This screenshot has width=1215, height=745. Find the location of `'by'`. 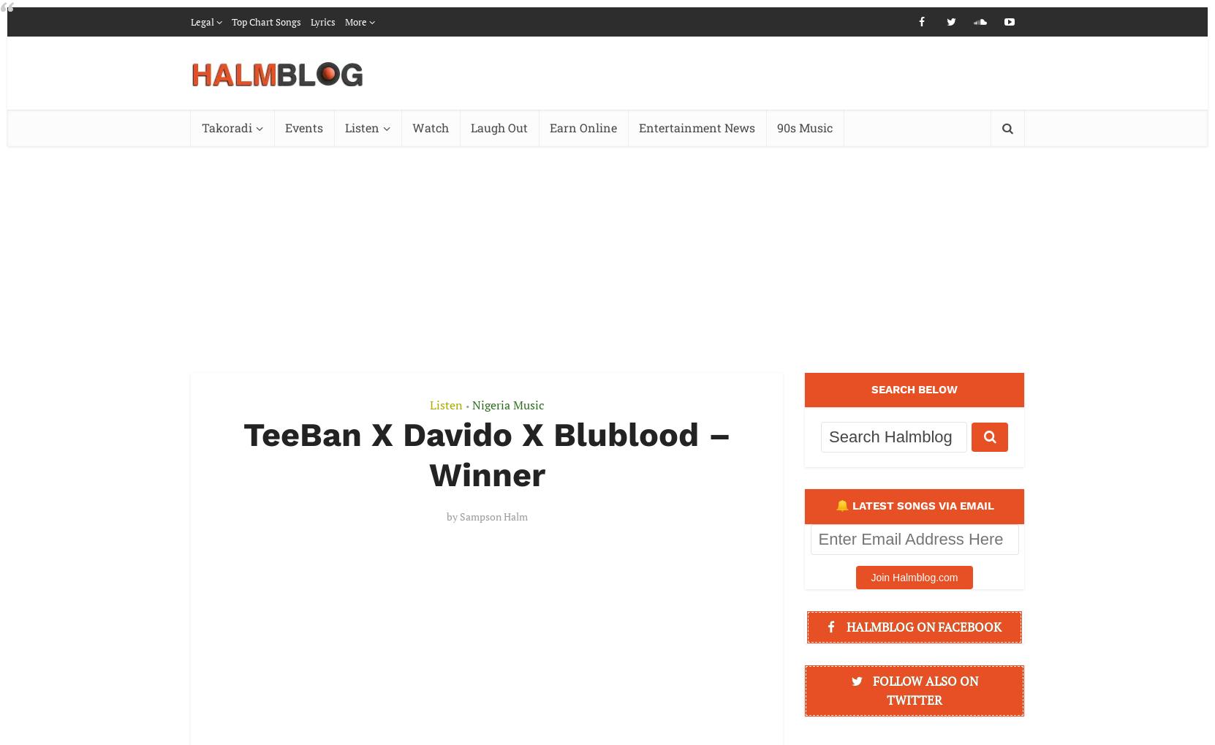

'by' is located at coordinates (452, 516).